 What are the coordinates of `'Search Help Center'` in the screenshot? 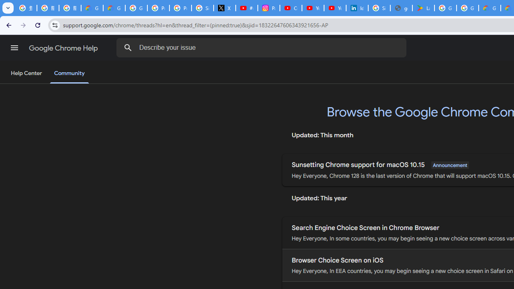 It's located at (127, 47).